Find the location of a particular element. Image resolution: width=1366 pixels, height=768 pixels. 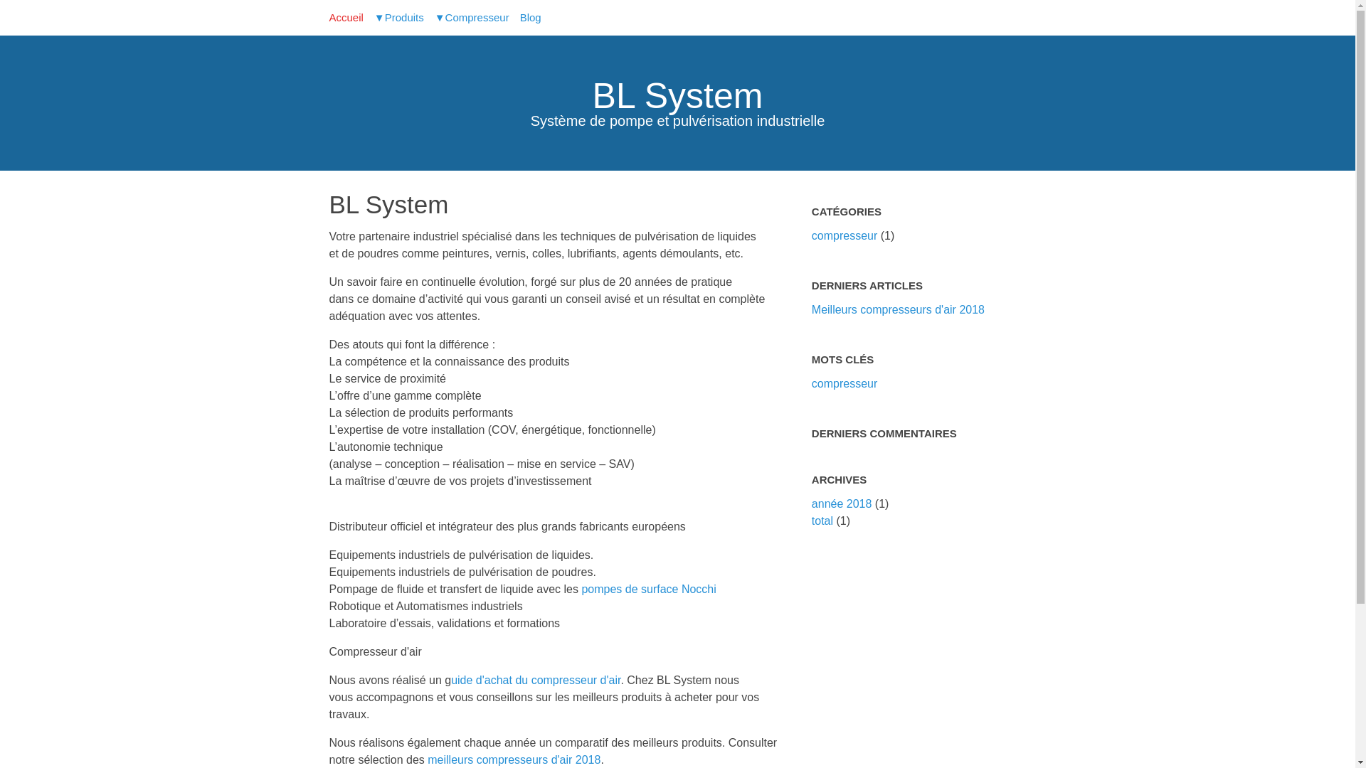

'Meilleurs compresseurs d'air 2018' is located at coordinates (897, 309).